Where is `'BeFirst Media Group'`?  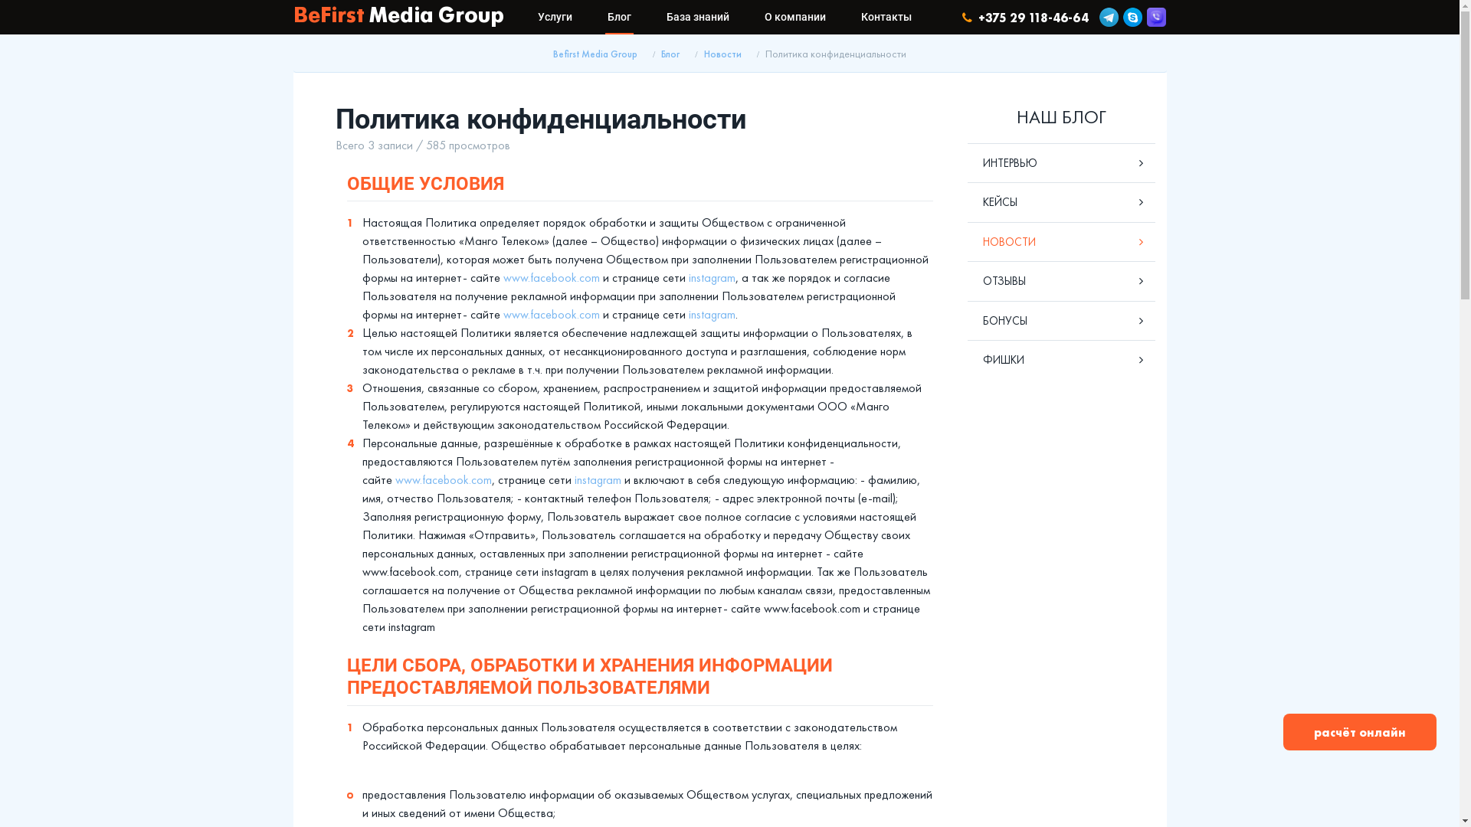
'BeFirst Media Group' is located at coordinates (293, 17).